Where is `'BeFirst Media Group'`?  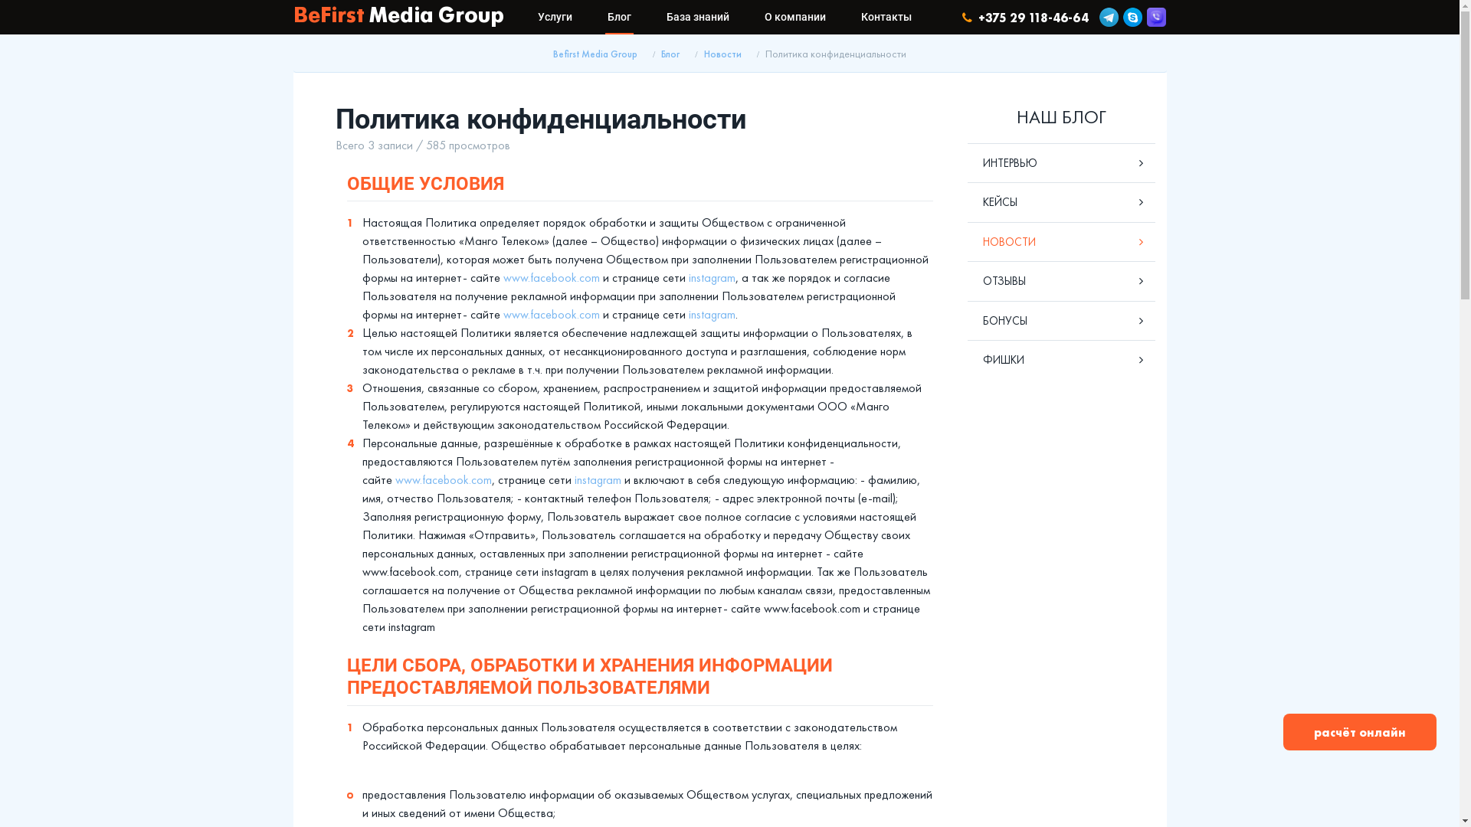
'BeFirst Media Group' is located at coordinates (293, 17).